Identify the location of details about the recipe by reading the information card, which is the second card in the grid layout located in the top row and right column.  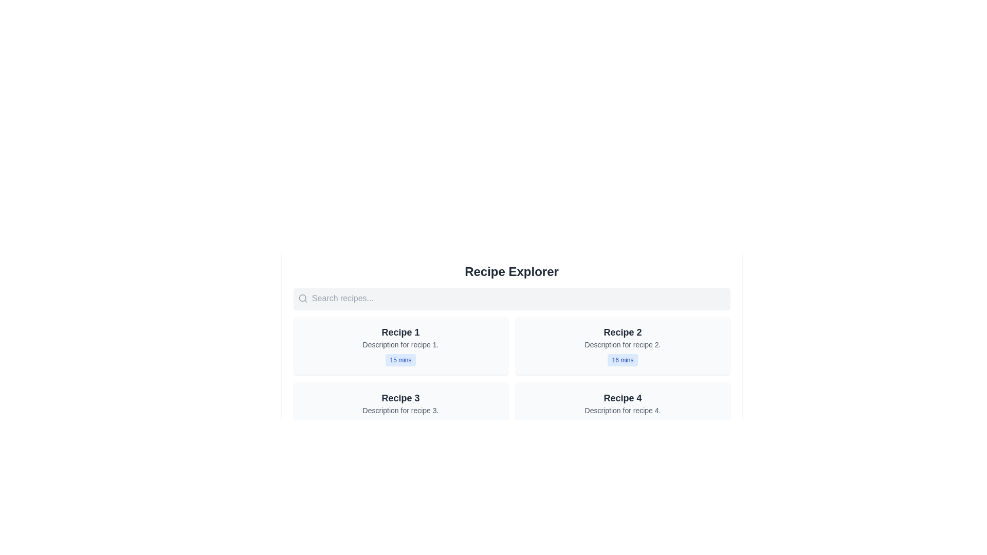
(622, 345).